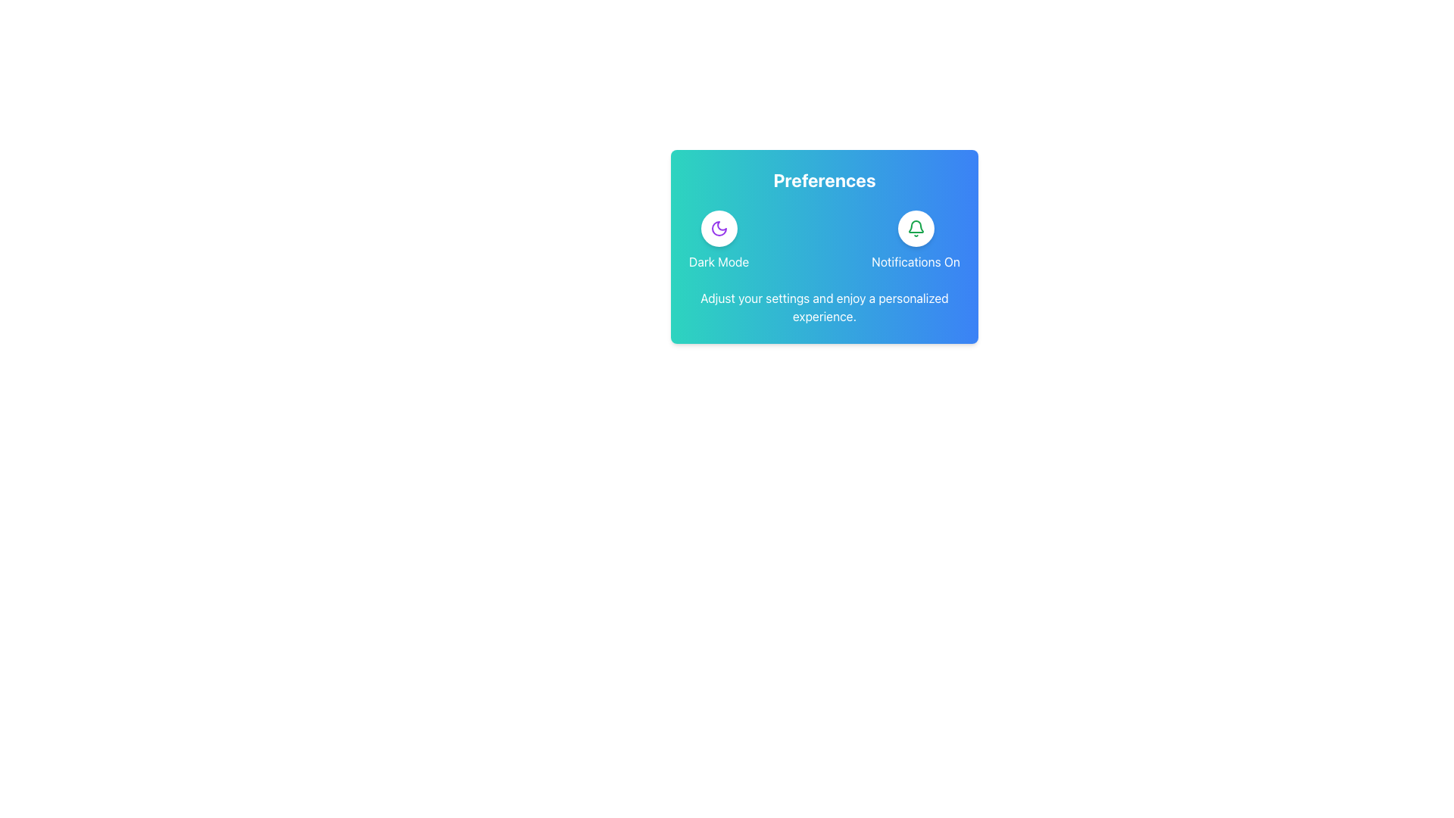 The image size is (1454, 818). I want to click on the moon icon within the circular button that has a white background and a purple border, located next, so click(718, 228).